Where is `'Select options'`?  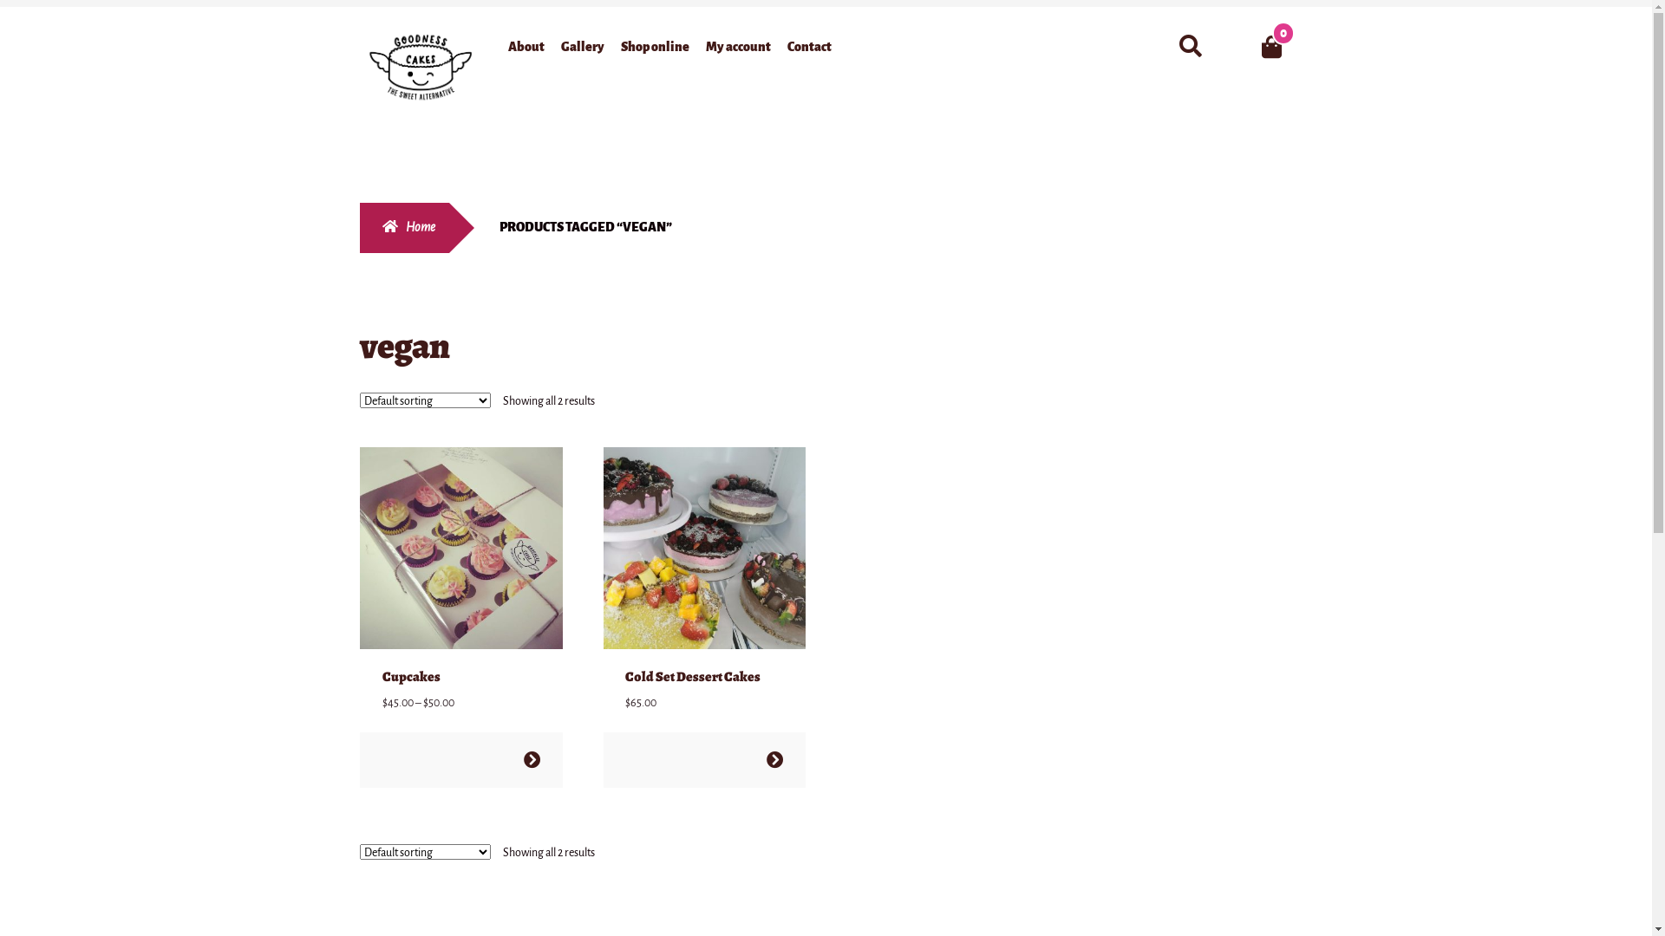 'Select options' is located at coordinates (774, 758).